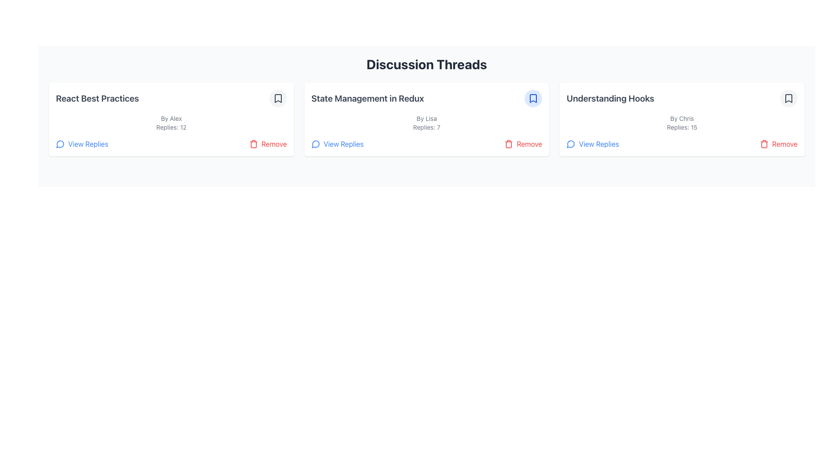  I want to click on the speech bubble SVG icon representing message functionality located in the discussion card titled 'React Best Practices', so click(59, 144).